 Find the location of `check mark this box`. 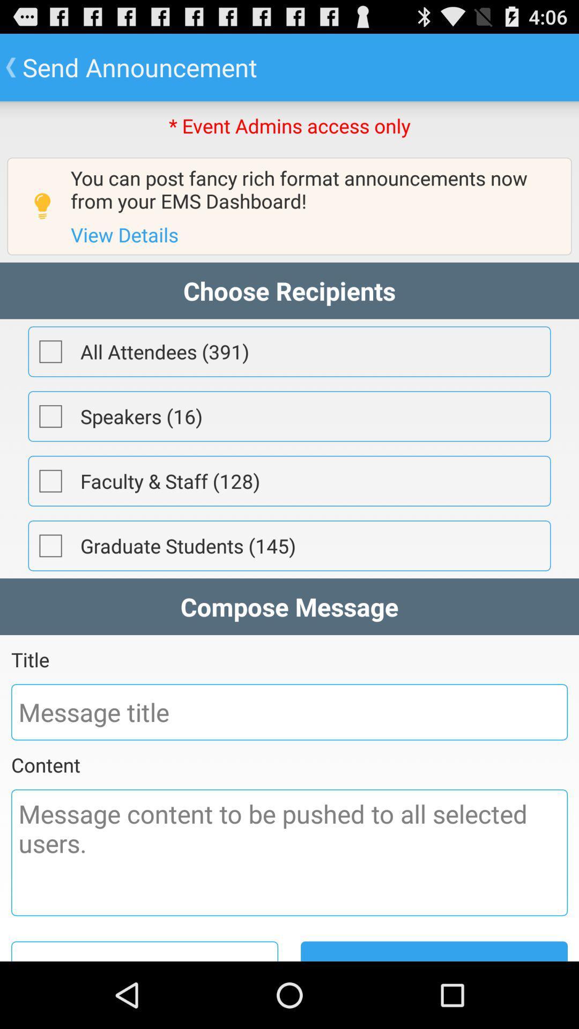

check mark this box is located at coordinates (50, 352).